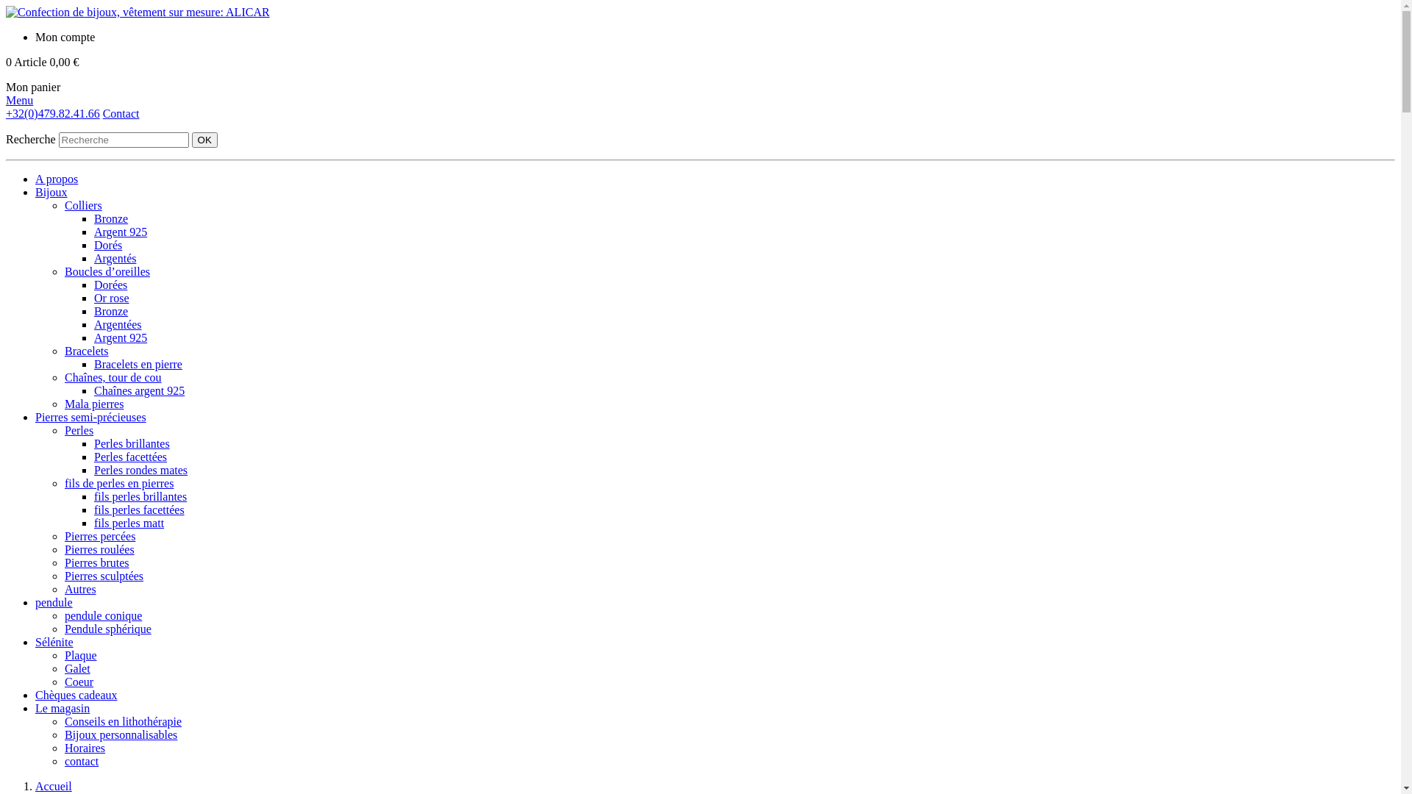 The image size is (1412, 794). I want to click on 'Bijoux', so click(51, 191).